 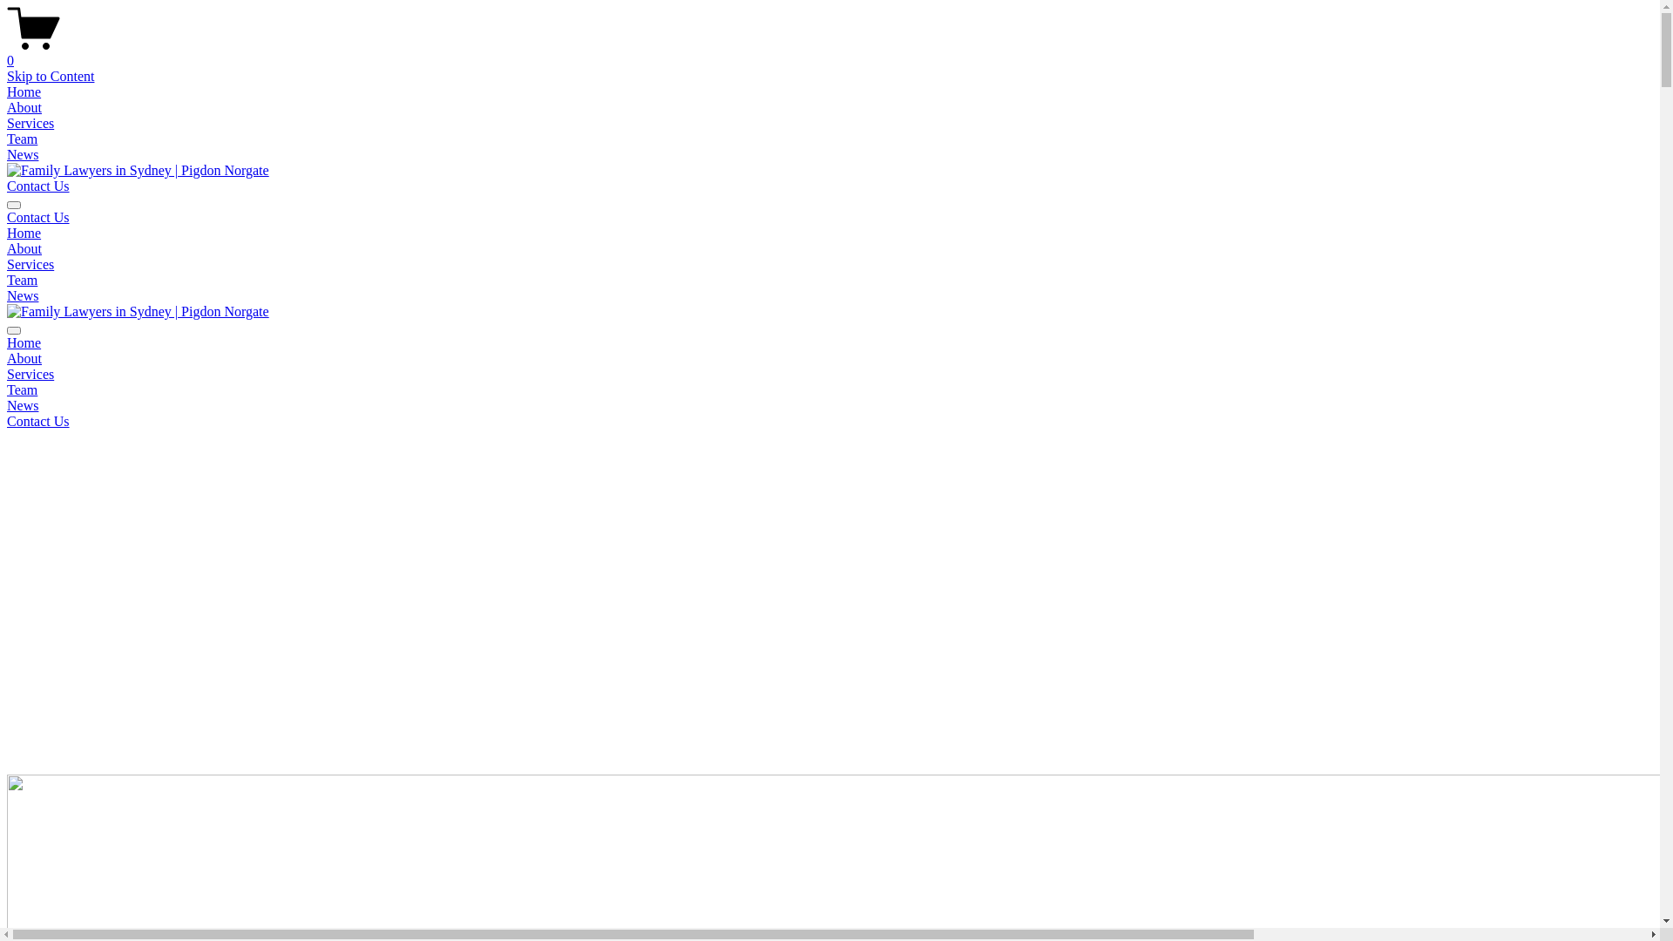 What do you see at coordinates (24, 232) in the screenshot?
I see `'Home'` at bounding box center [24, 232].